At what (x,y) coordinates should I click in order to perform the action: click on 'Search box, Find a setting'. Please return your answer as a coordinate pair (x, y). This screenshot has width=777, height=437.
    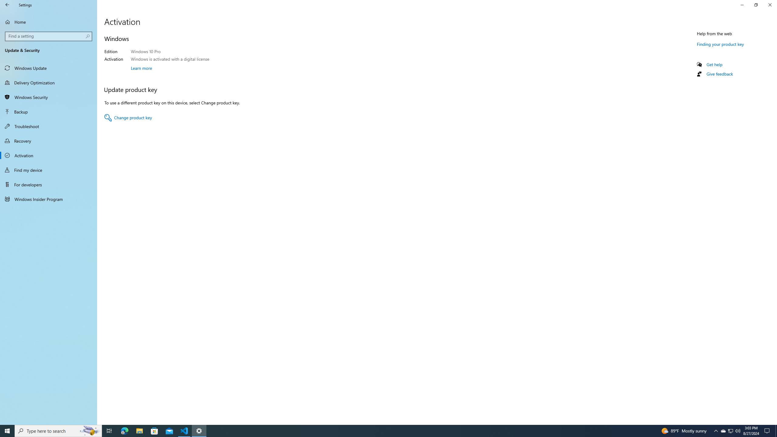
    Looking at the image, I should click on (49, 36).